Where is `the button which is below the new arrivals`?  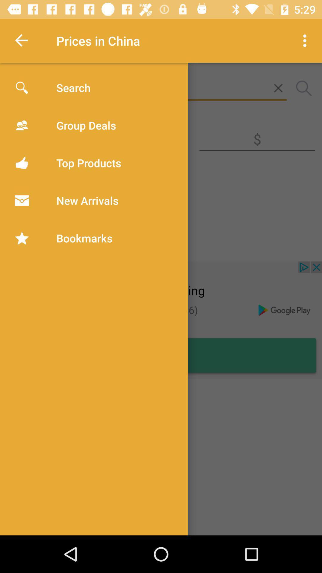
the button which is below the new arrivals is located at coordinates (54, 245).